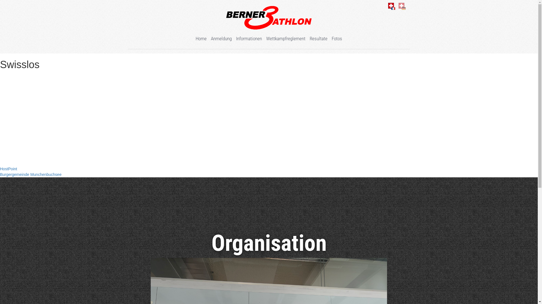  I want to click on 'Anmeldung', so click(221, 38).